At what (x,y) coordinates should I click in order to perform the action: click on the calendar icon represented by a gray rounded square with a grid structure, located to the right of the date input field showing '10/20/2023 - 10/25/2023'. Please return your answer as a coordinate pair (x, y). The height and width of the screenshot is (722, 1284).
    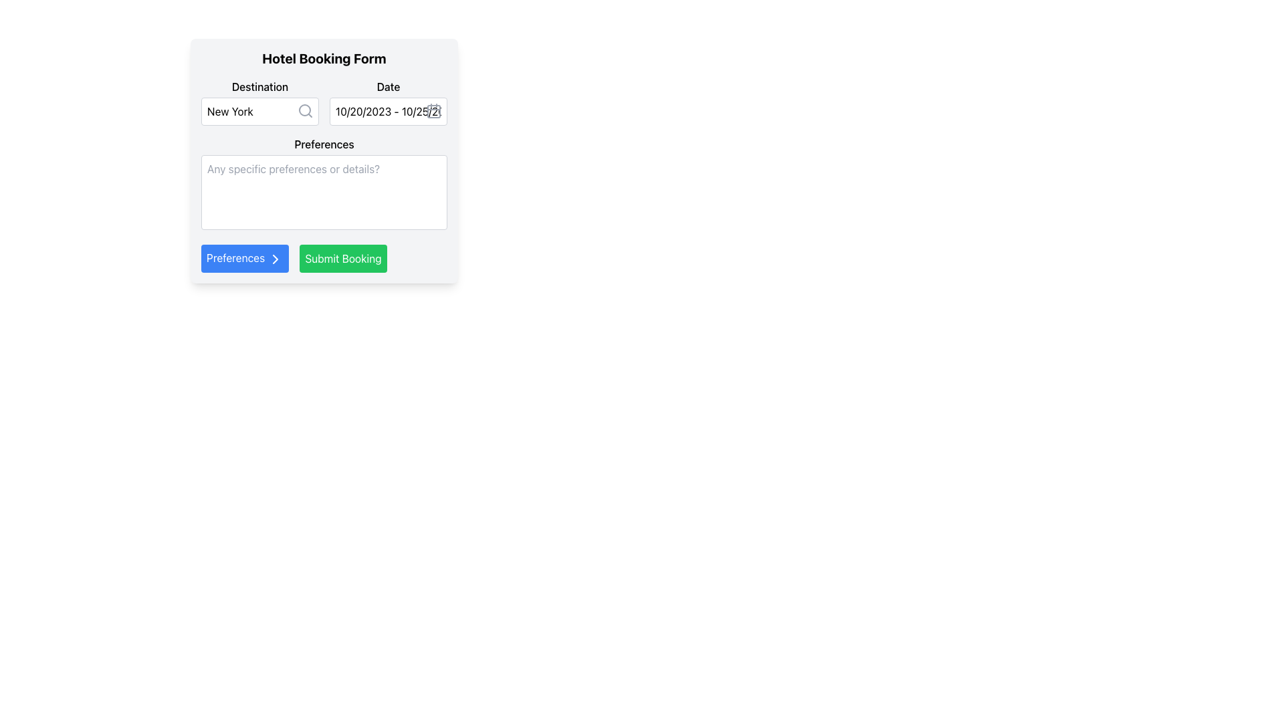
    Looking at the image, I should click on (433, 110).